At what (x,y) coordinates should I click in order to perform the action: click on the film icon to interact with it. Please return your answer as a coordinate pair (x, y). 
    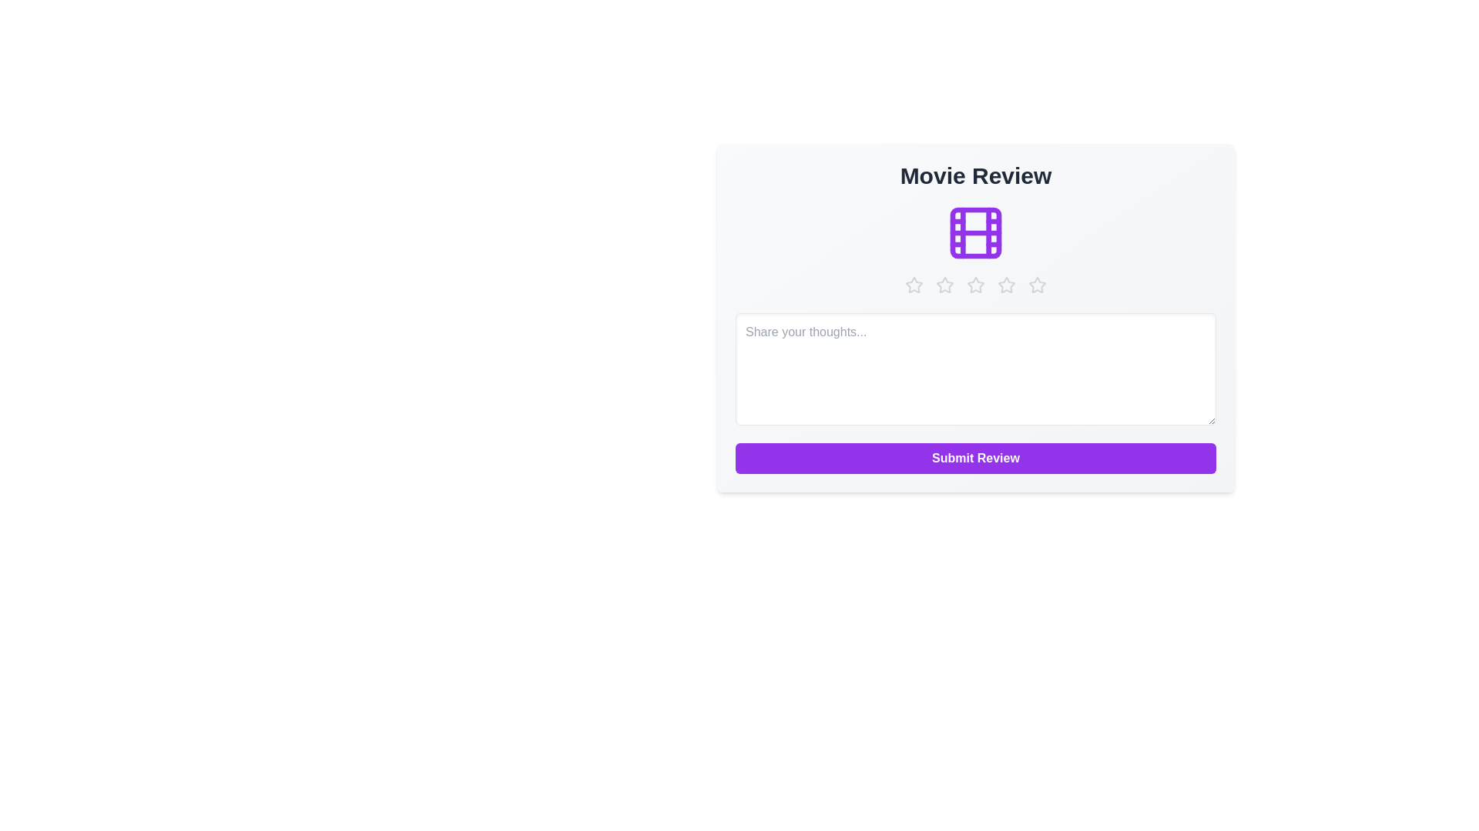
    Looking at the image, I should click on (975, 233).